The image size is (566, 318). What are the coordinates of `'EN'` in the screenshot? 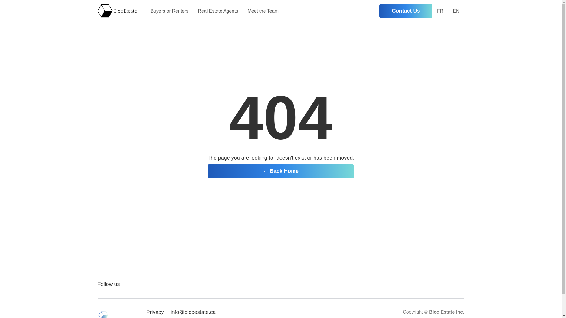 It's located at (448, 11).